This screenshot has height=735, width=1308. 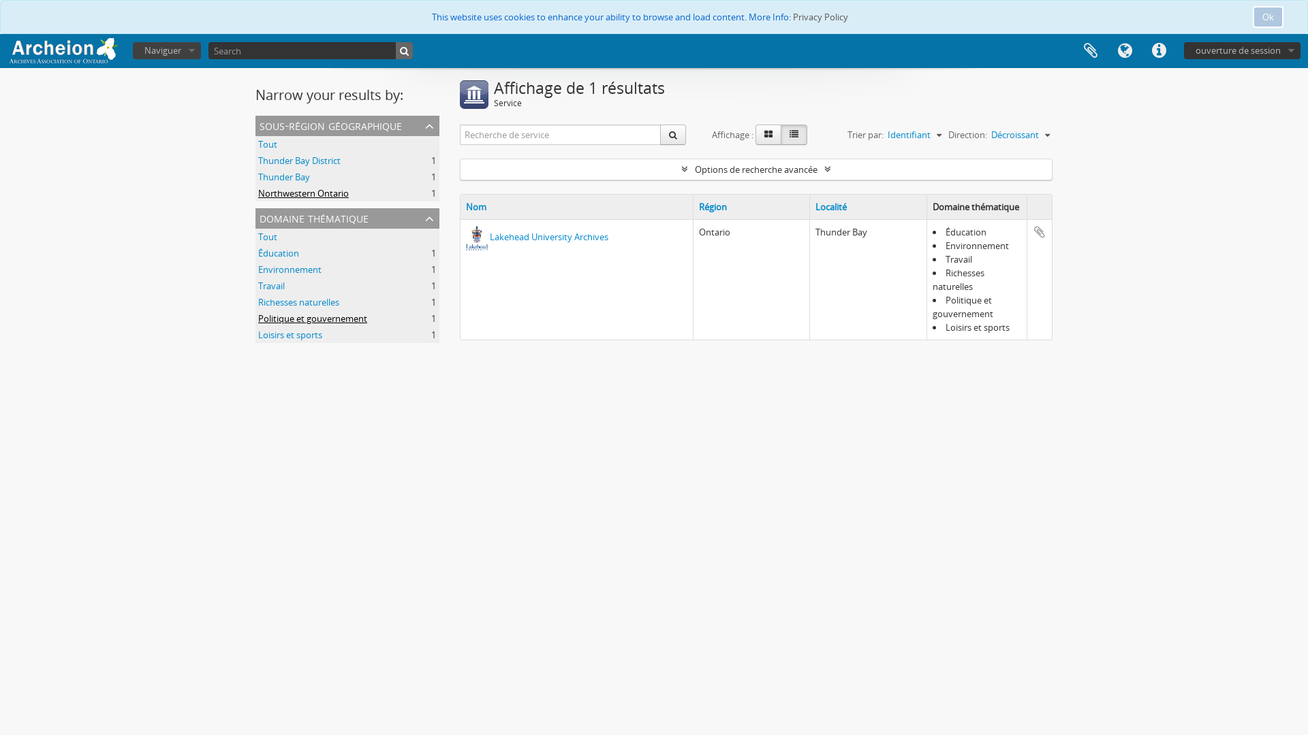 I want to click on 'Nom', so click(x=466, y=207).